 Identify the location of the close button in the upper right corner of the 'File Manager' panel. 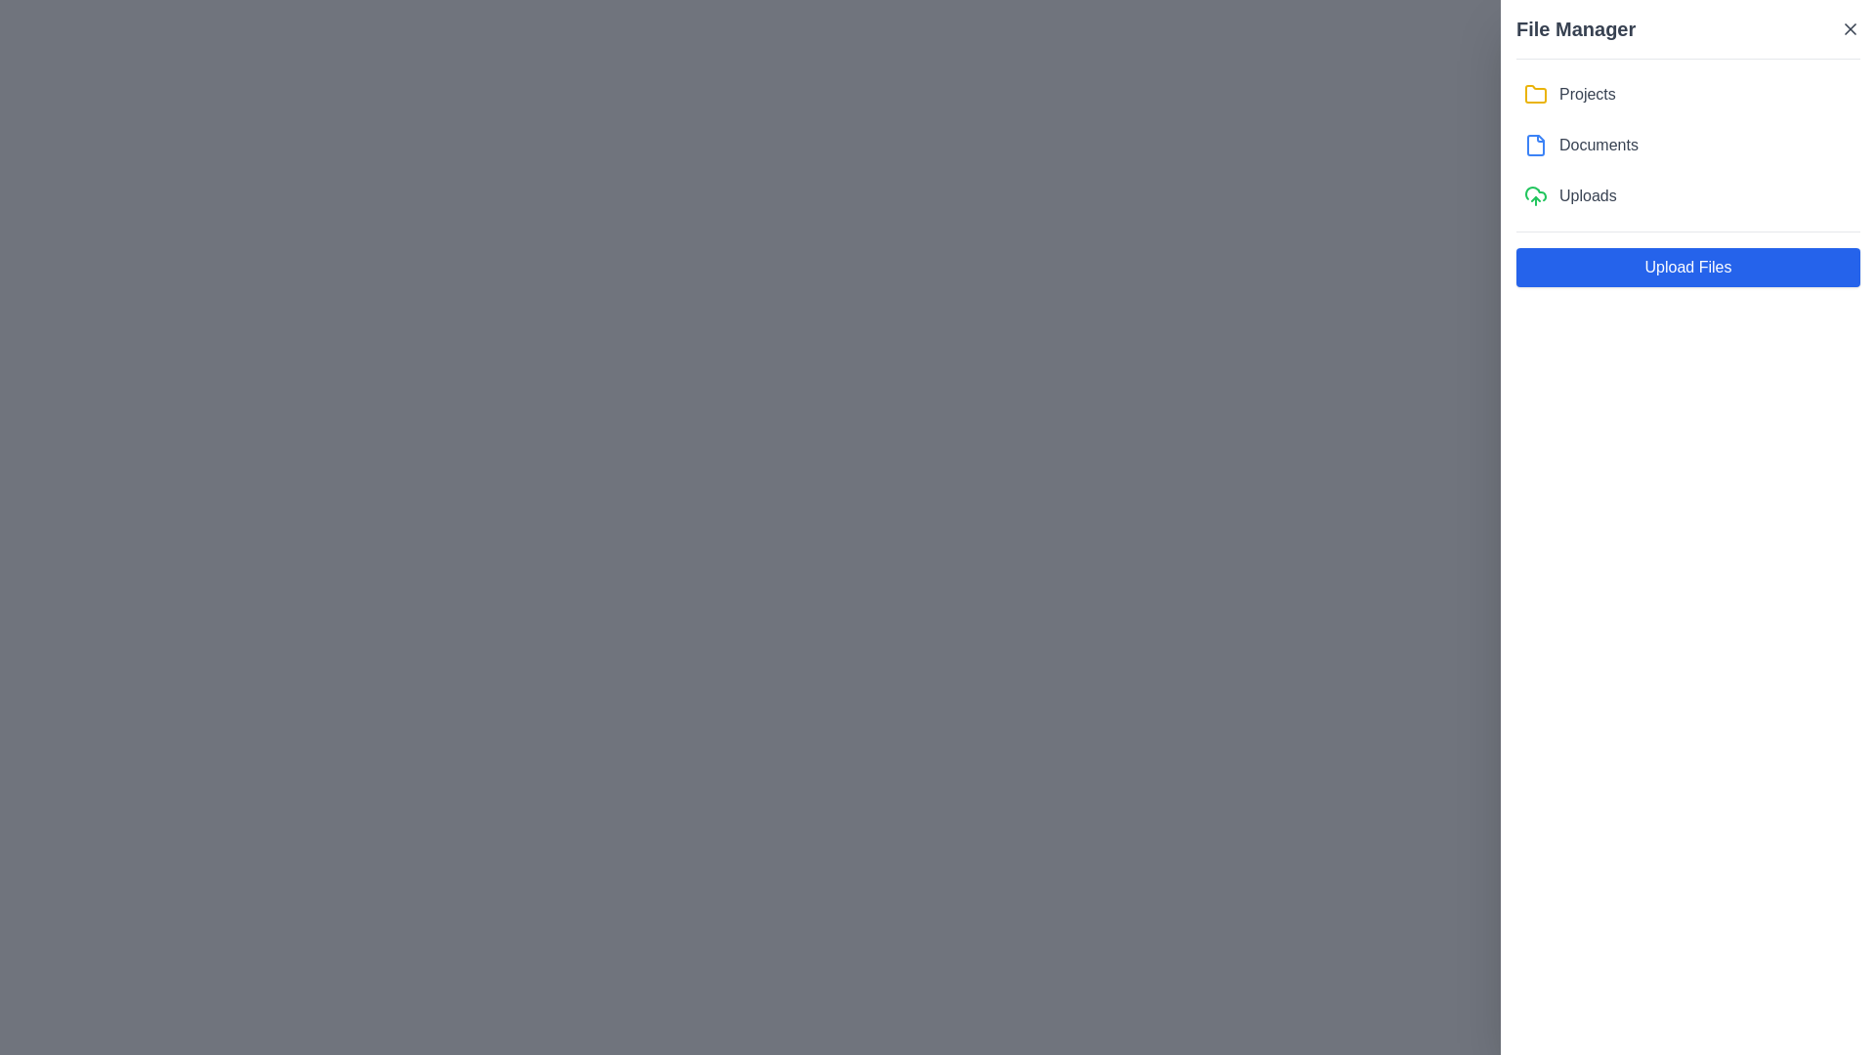
(1850, 29).